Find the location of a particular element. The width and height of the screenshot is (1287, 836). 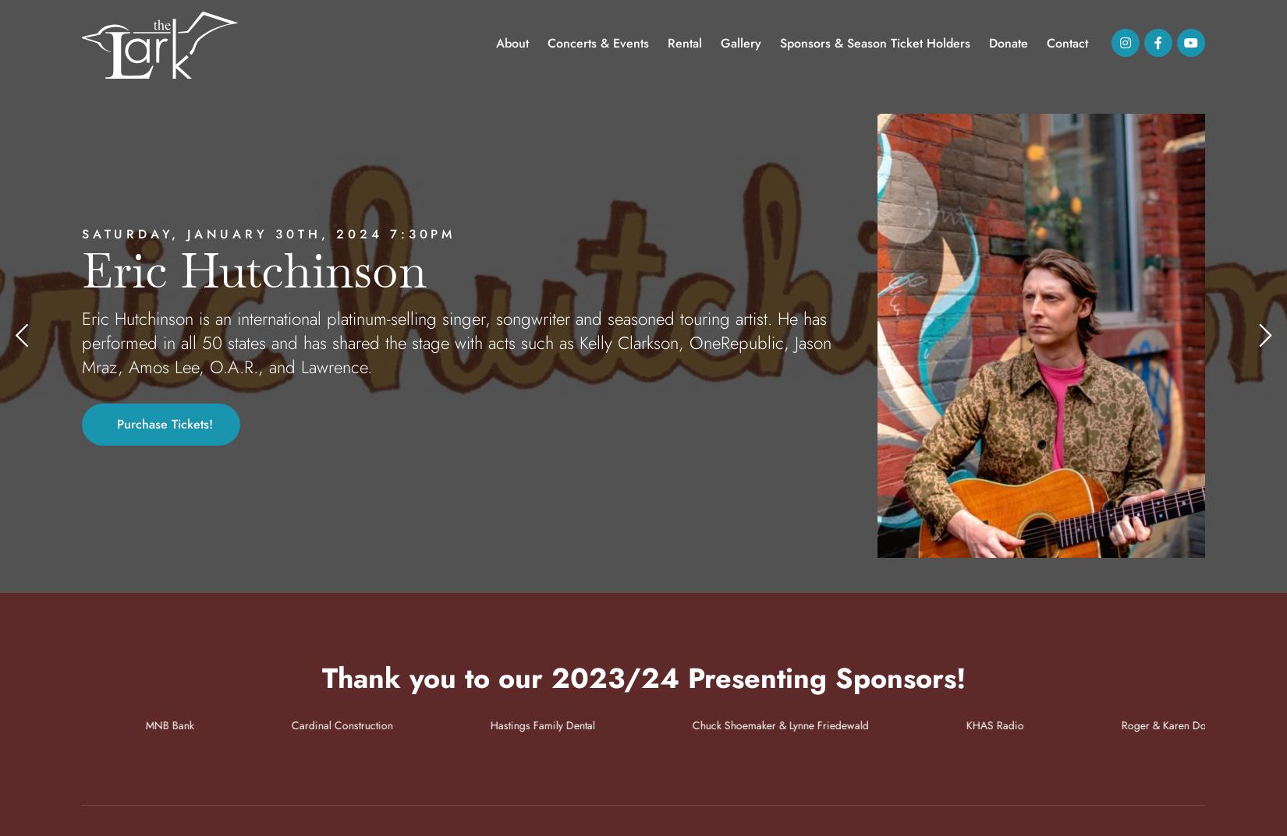

'Americana Tender-Rock Artist Jacob Westfall is a larger than life troubadour of love and adventure — a young veteran of the Portland music scene that has gained recognition as one of the fastest growing singer-songwriters in the Pacific Northwest' is located at coordinates (464, 342).